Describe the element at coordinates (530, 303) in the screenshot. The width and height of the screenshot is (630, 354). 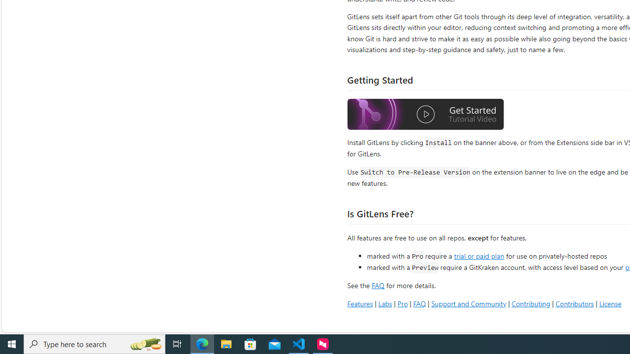
I see `'Contributing'` at that location.